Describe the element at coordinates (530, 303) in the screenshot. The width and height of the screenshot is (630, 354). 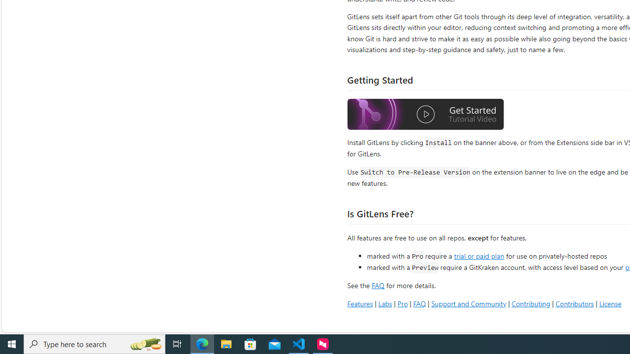
I see `'Contributing'` at that location.